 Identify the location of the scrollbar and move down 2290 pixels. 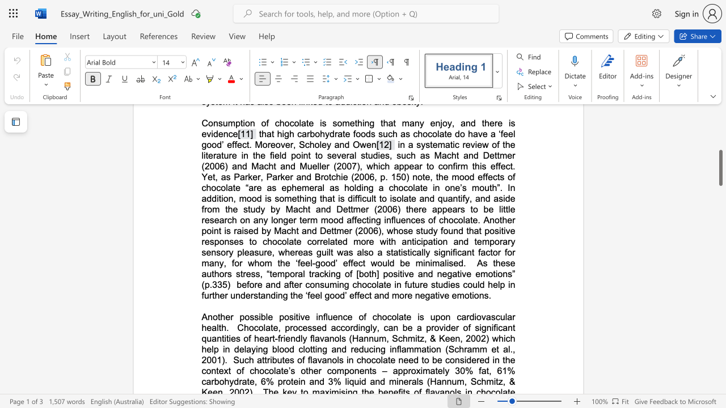
(720, 168).